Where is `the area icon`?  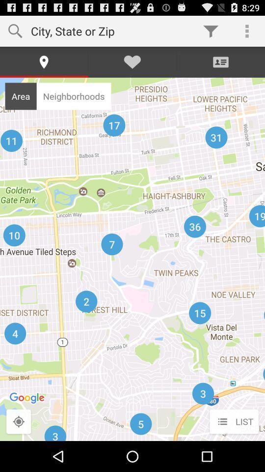
the area icon is located at coordinates (21, 96).